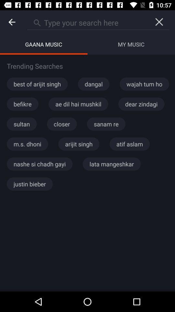 This screenshot has height=312, width=175. What do you see at coordinates (111, 163) in the screenshot?
I see `the item next to the nashe si chadh` at bounding box center [111, 163].